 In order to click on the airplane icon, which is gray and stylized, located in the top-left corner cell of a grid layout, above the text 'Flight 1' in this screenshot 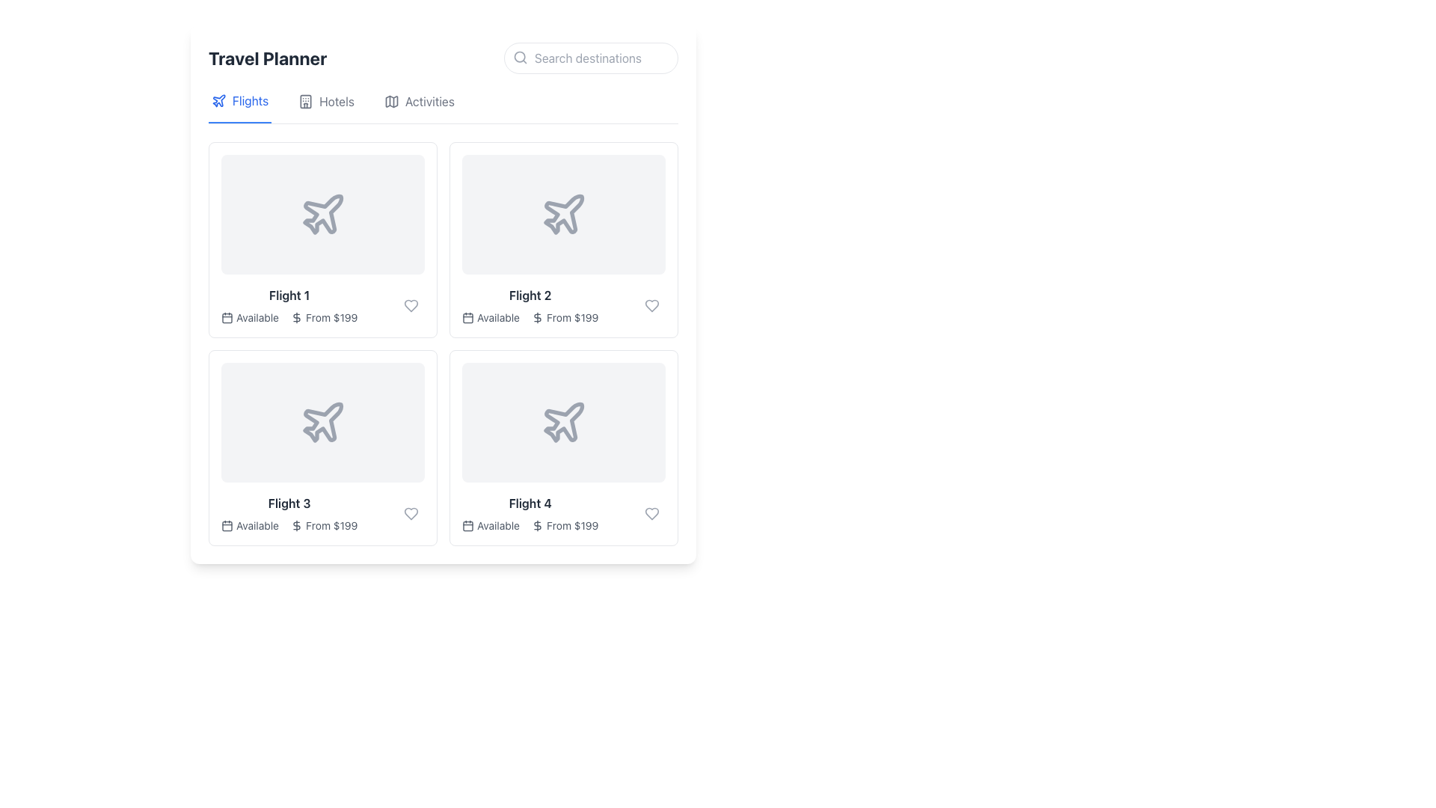, I will do `click(322, 214)`.